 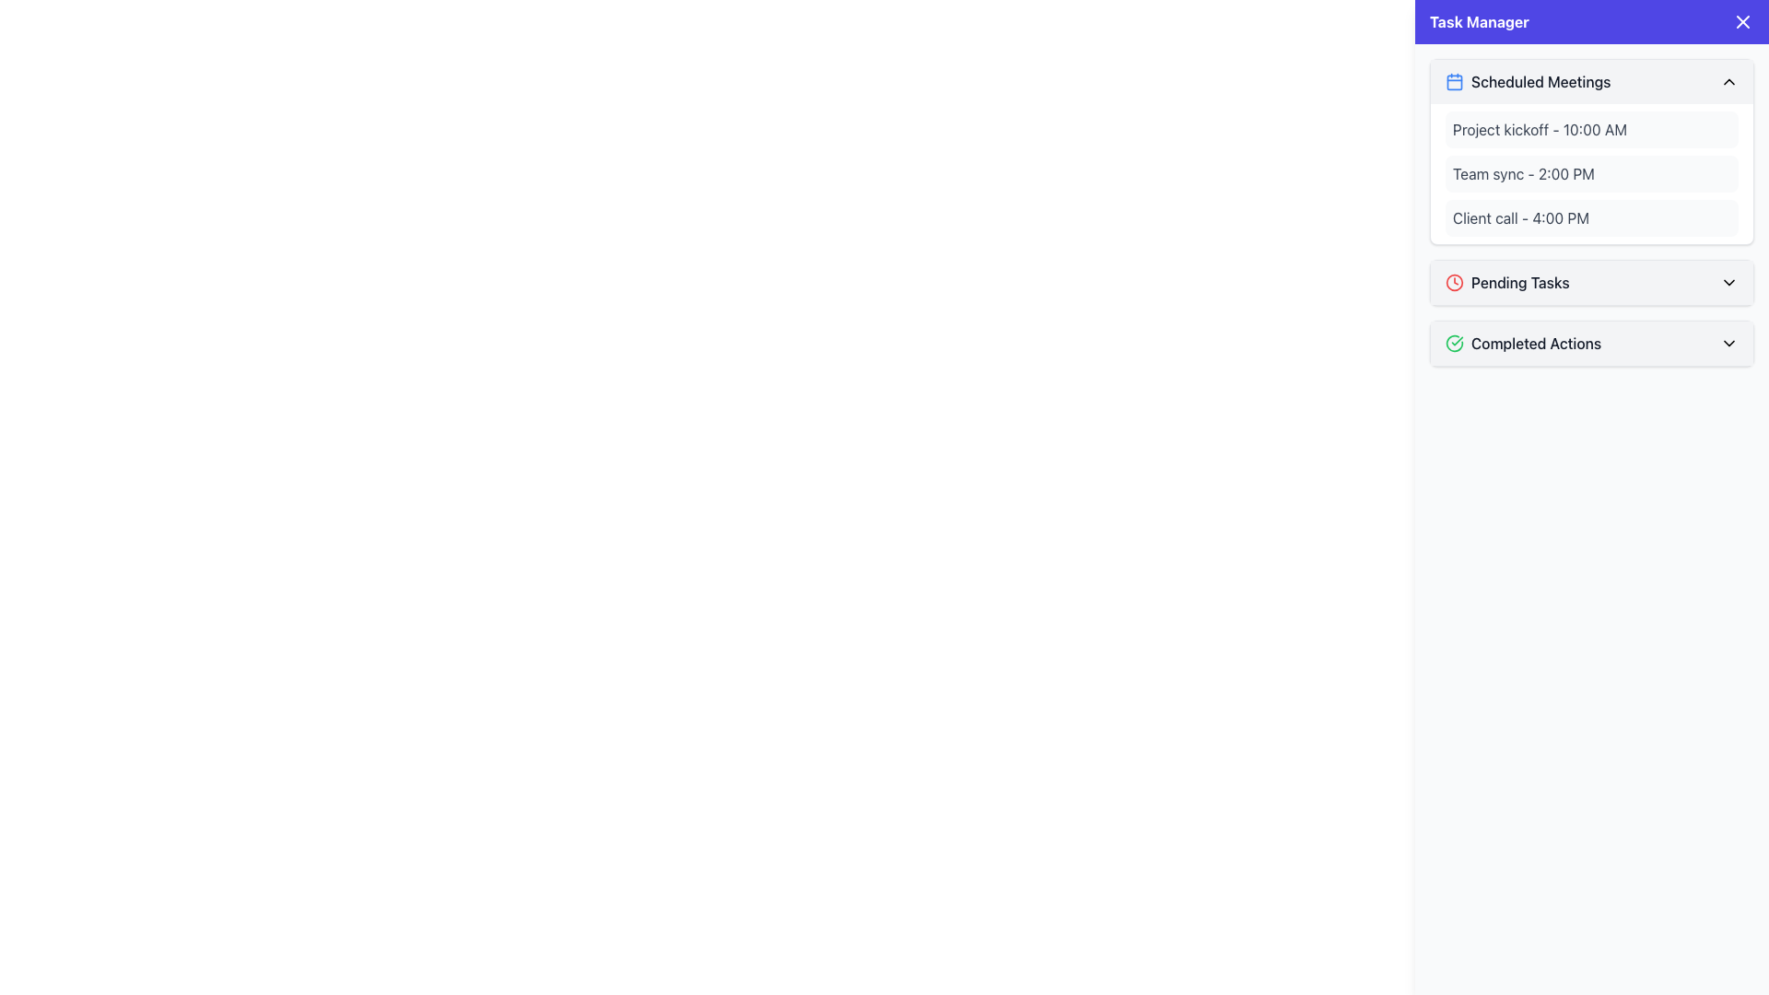 What do you see at coordinates (1728, 283) in the screenshot?
I see `the Dropdown indicator icon at the extreme right of the 'Pending Tasks' section header` at bounding box center [1728, 283].